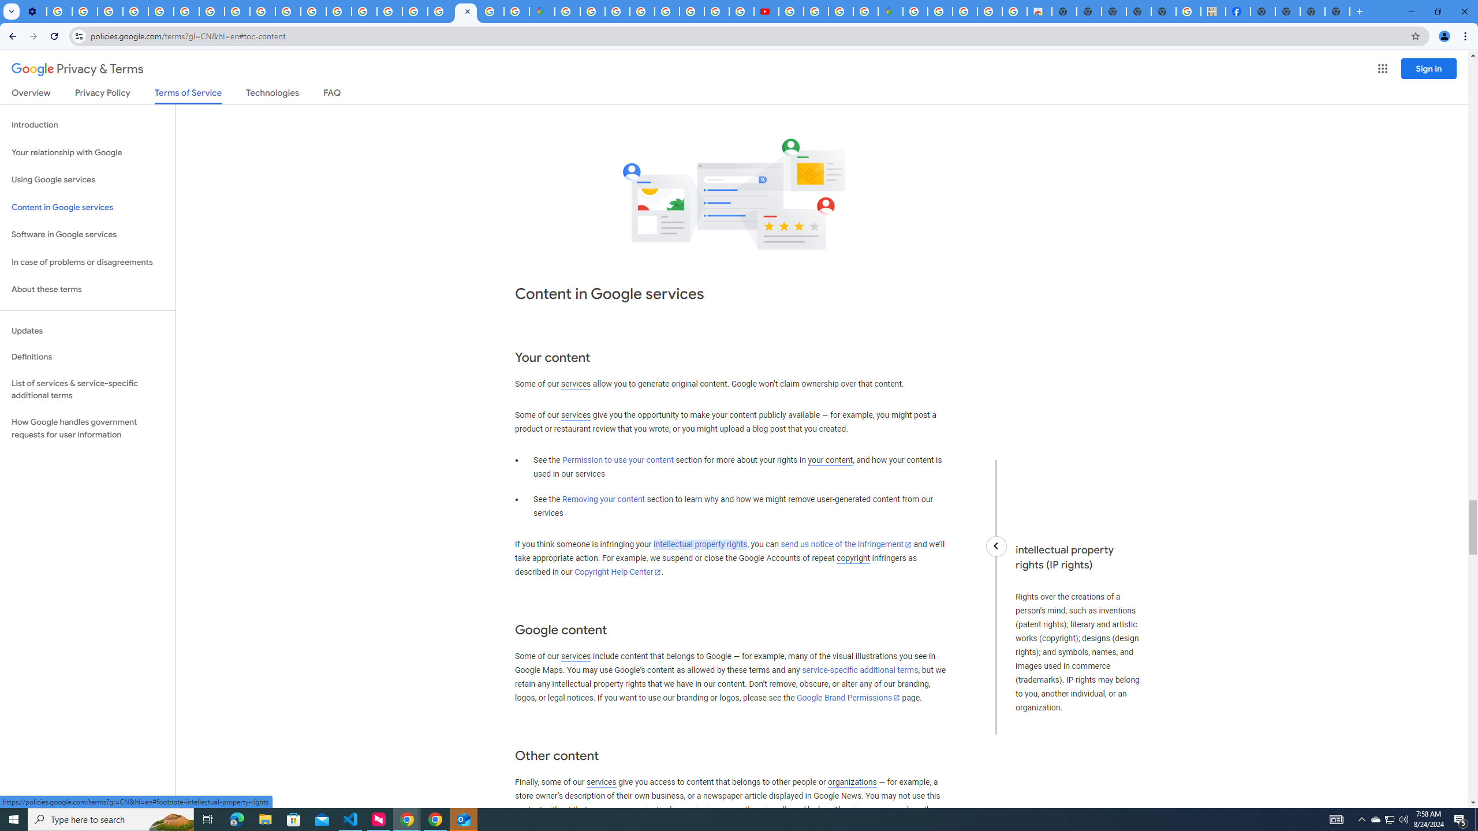  I want to click on 'About these terms', so click(87, 289).